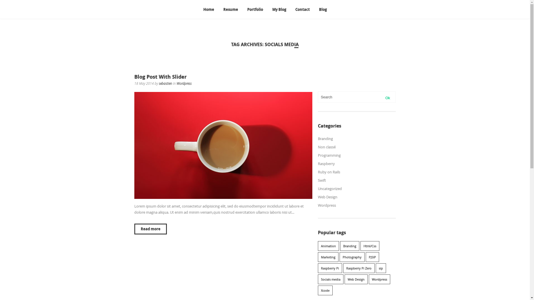  What do you see at coordinates (326, 163) in the screenshot?
I see `'Raspberry'` at bounding box center [326, 163].